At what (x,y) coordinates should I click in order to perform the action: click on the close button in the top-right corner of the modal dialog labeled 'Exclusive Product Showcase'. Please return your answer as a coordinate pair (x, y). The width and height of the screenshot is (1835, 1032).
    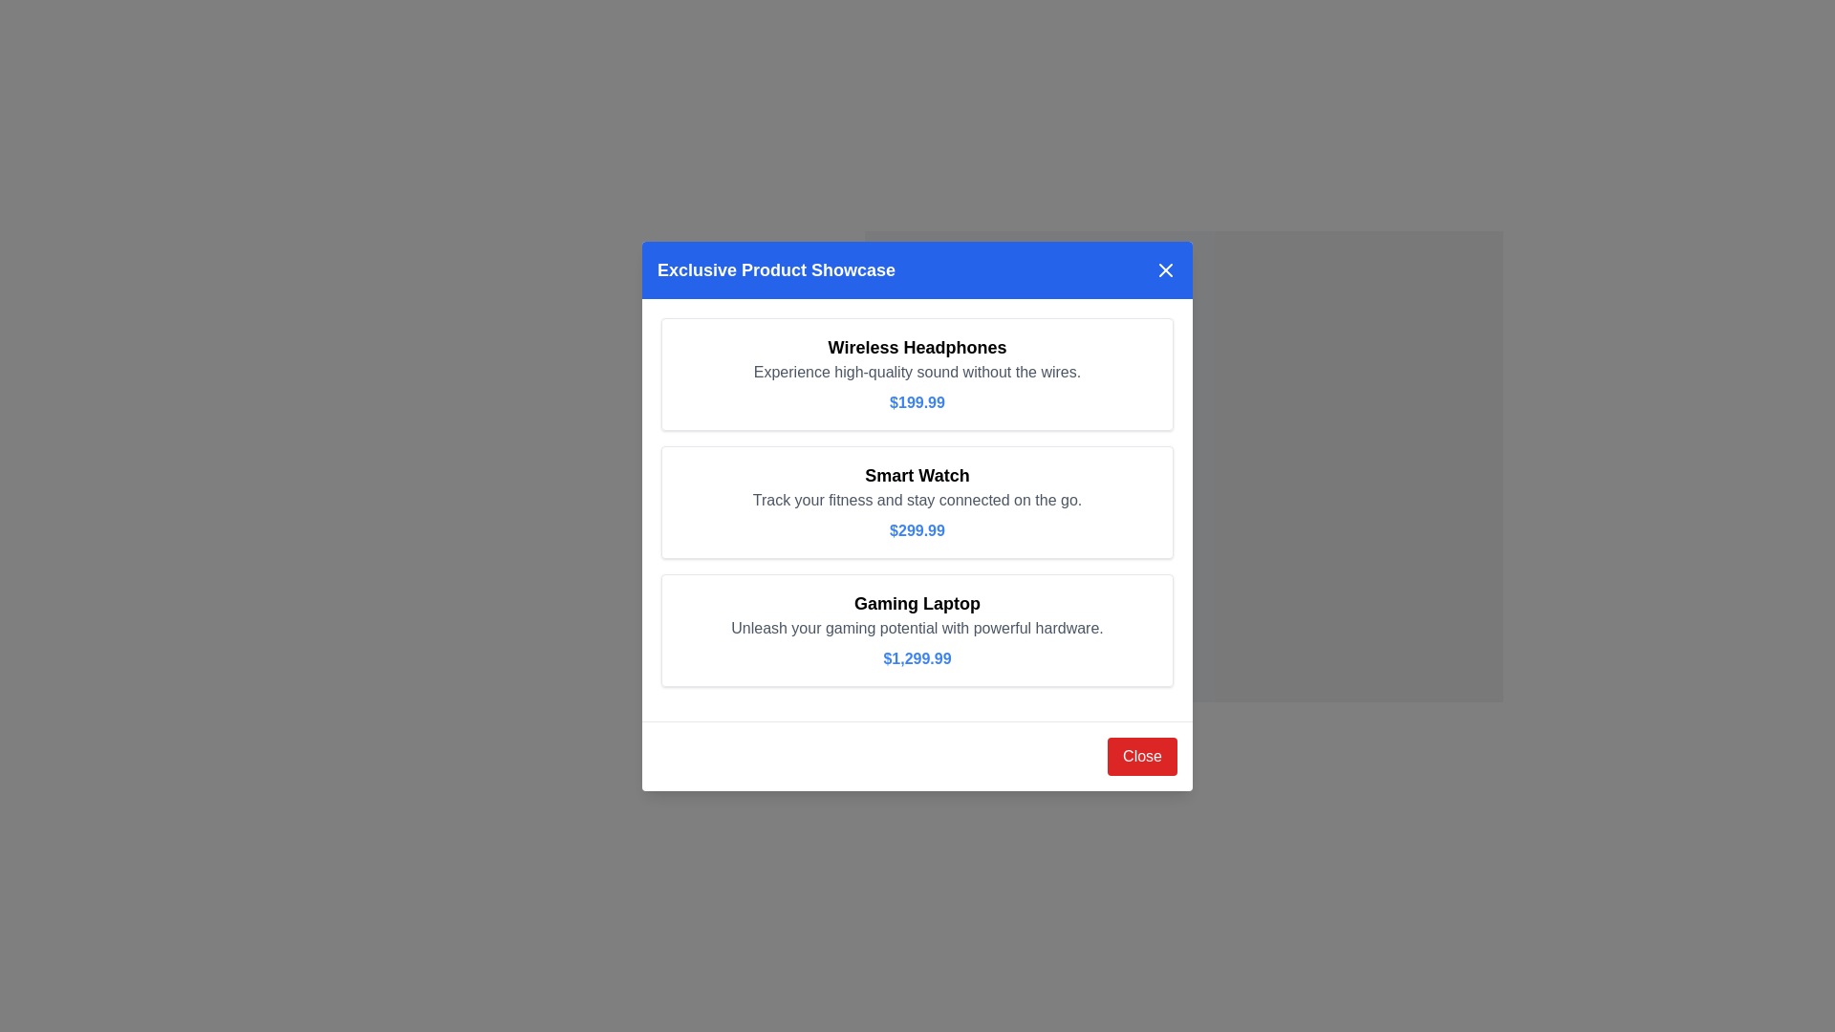
    Looking at the image, I should click on (1164, 269).